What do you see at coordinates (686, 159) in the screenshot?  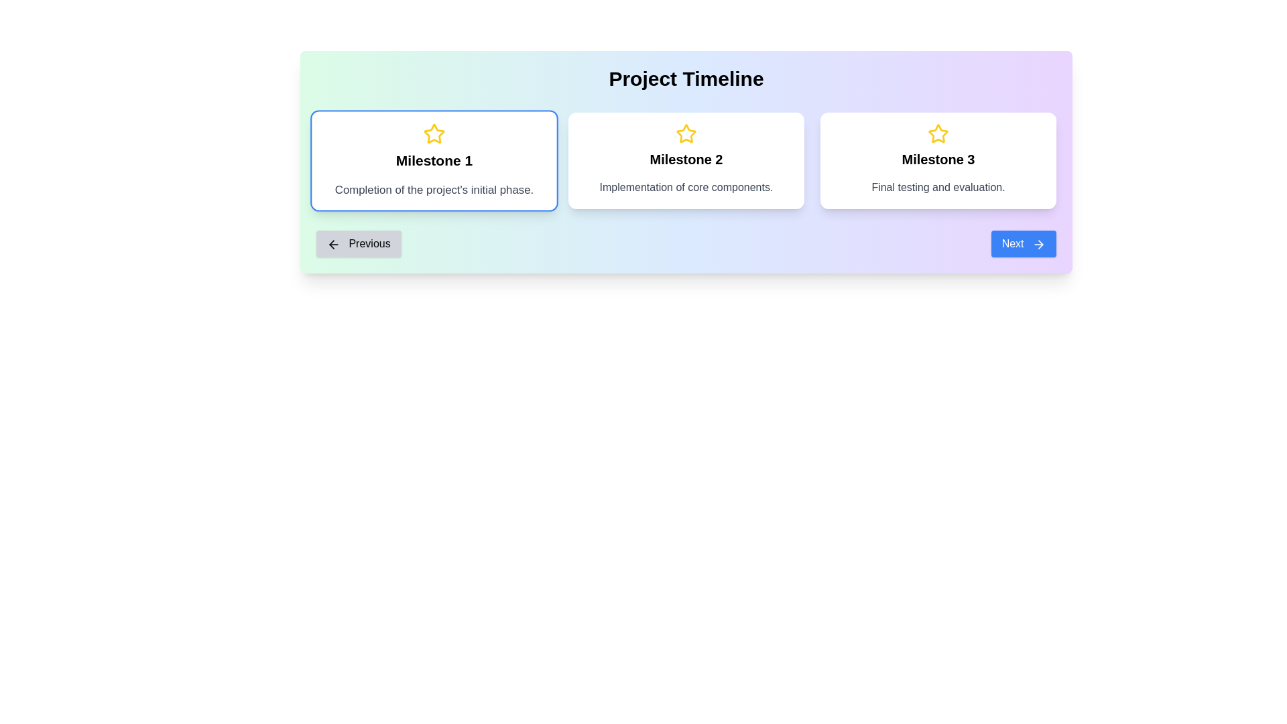 I see `the text label that serves as the header for the 'Milestone 2' section located in the second column of the 'Project Timeline'` at bounding box center [686, 159].